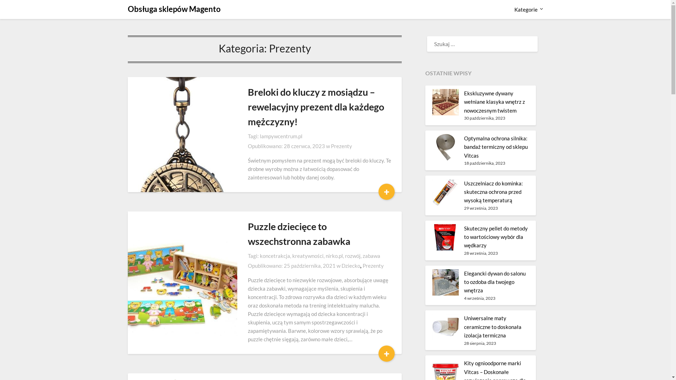 The width and height of the screenshot is (676, 380). Describe the element at coordinates (525, 9) in the screenshot. I see `'Kategorie'` at that location.